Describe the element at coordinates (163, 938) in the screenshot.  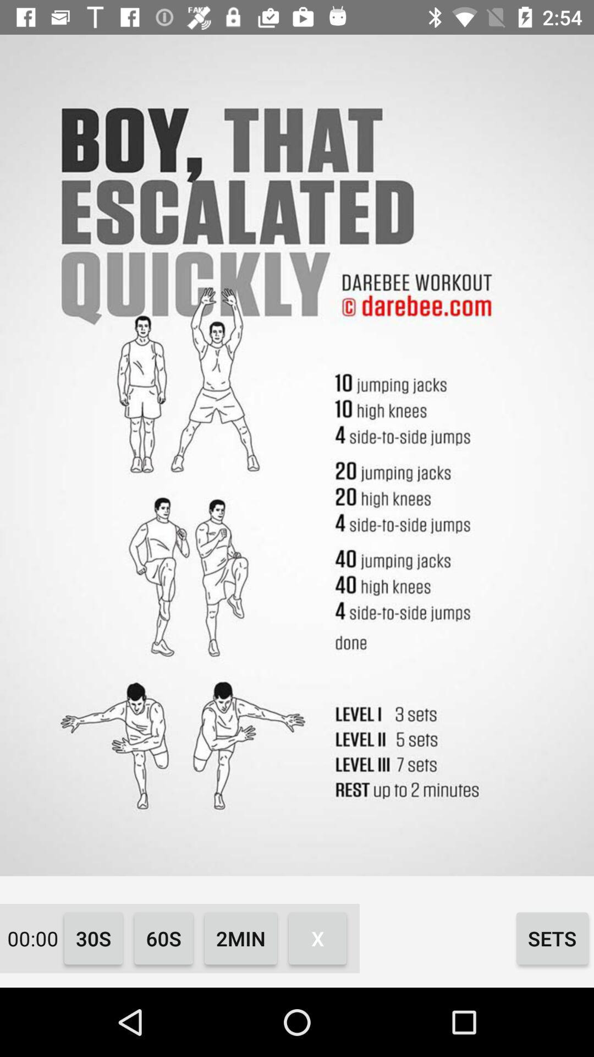
I see `the icon to the right of the 30s item` at that location.